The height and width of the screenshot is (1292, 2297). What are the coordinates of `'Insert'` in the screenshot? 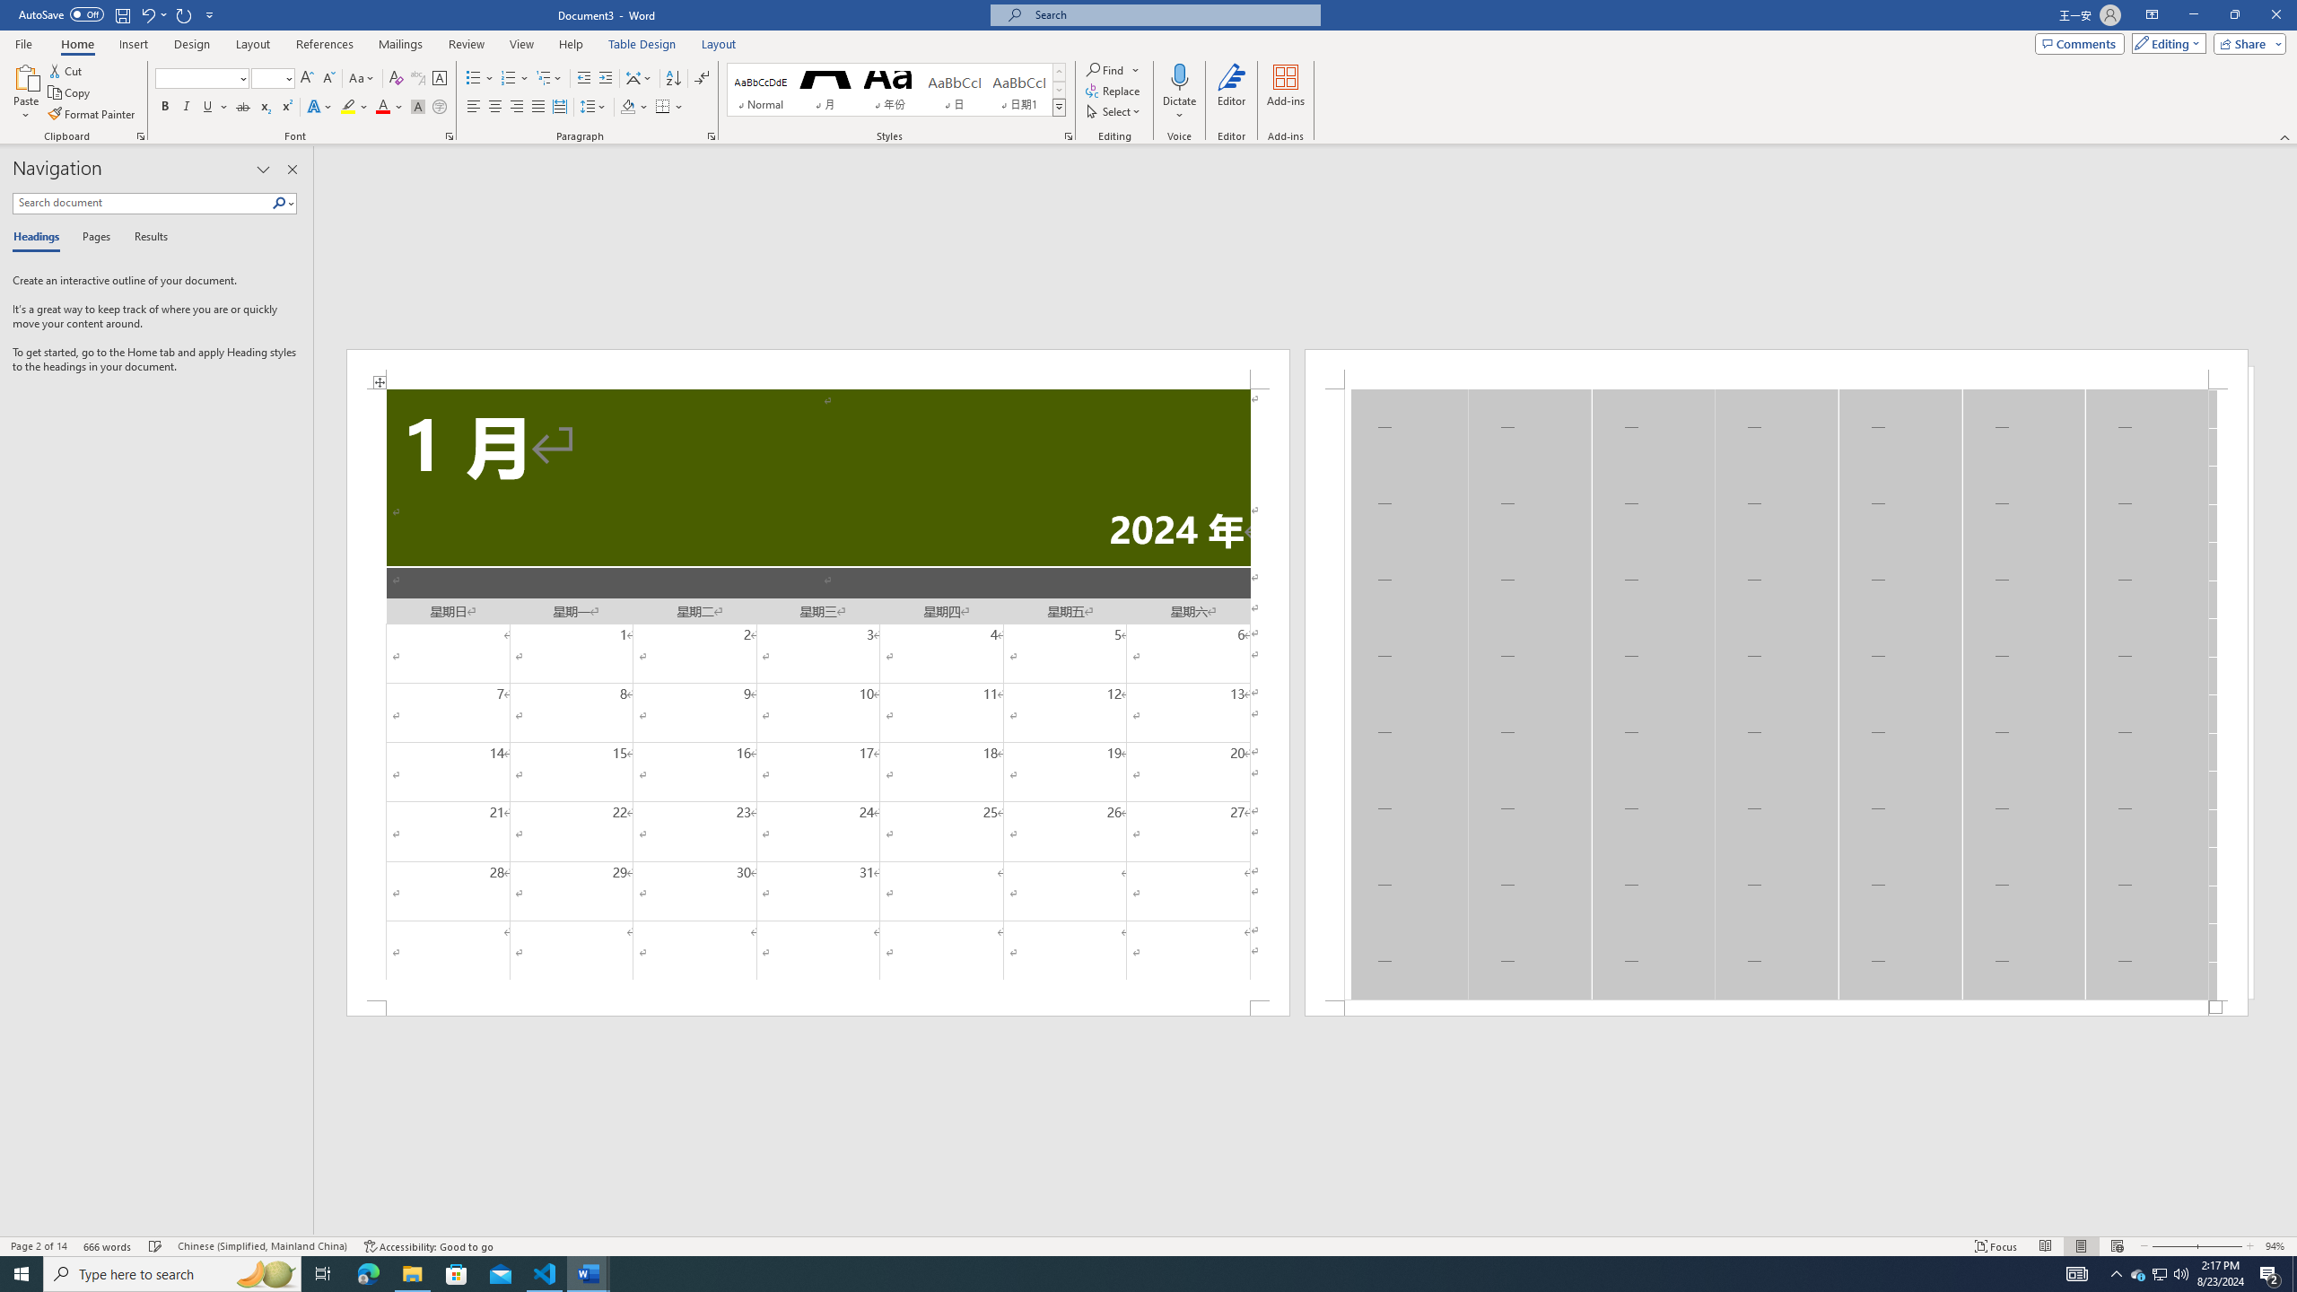 It's located at (132, 44).